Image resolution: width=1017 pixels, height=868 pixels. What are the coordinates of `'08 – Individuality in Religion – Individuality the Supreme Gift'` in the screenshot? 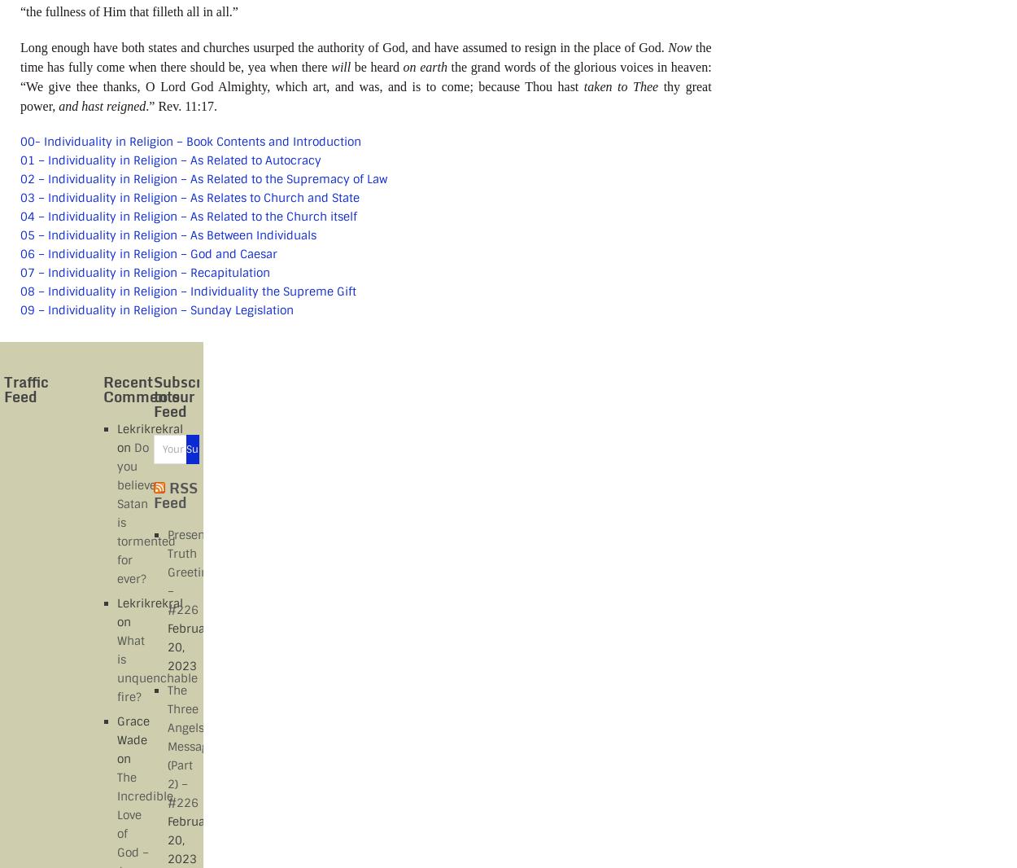 It's located at (187, 291).